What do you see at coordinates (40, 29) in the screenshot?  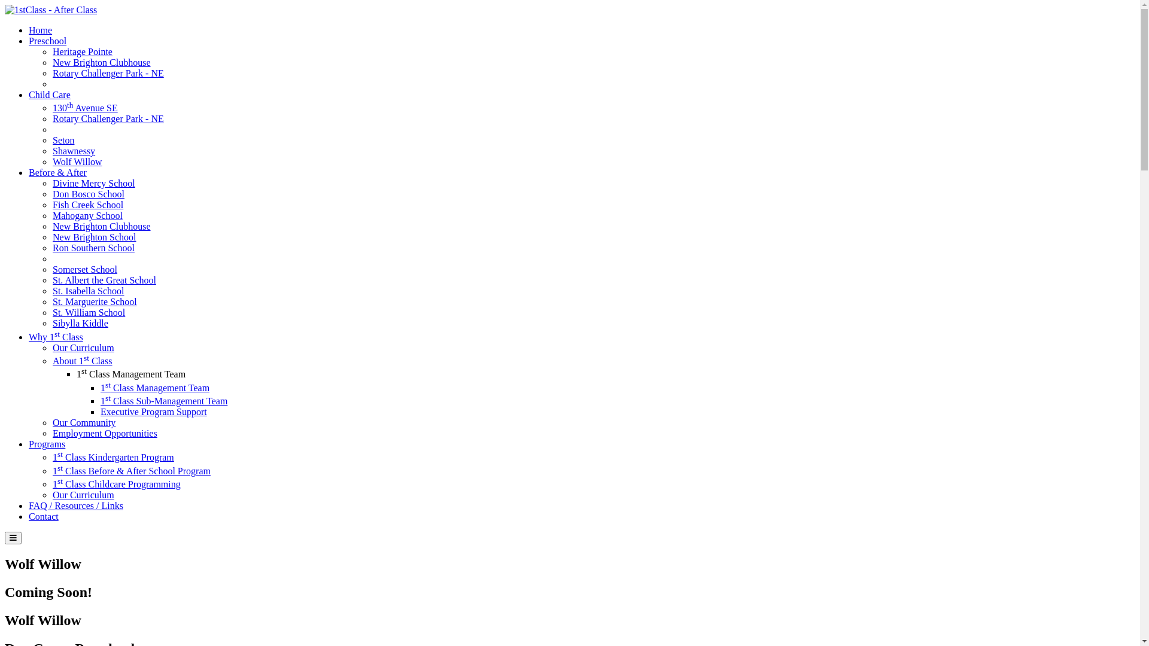 I see `'Home'` at bounding box center [40, 29].